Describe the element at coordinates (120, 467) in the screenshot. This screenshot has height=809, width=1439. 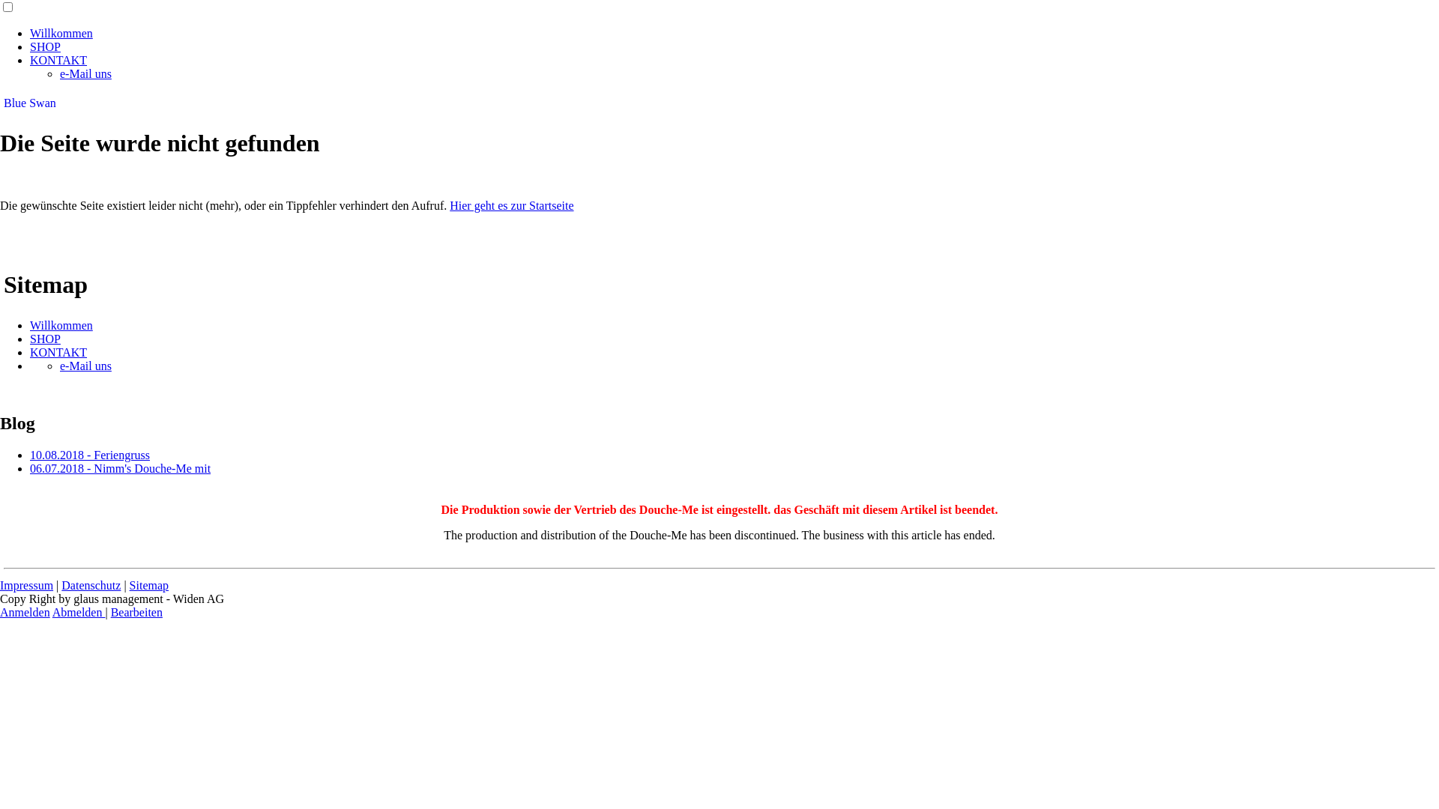
I see `'06.07.2018 - Nimm's Douche-Me mit'` at that location.